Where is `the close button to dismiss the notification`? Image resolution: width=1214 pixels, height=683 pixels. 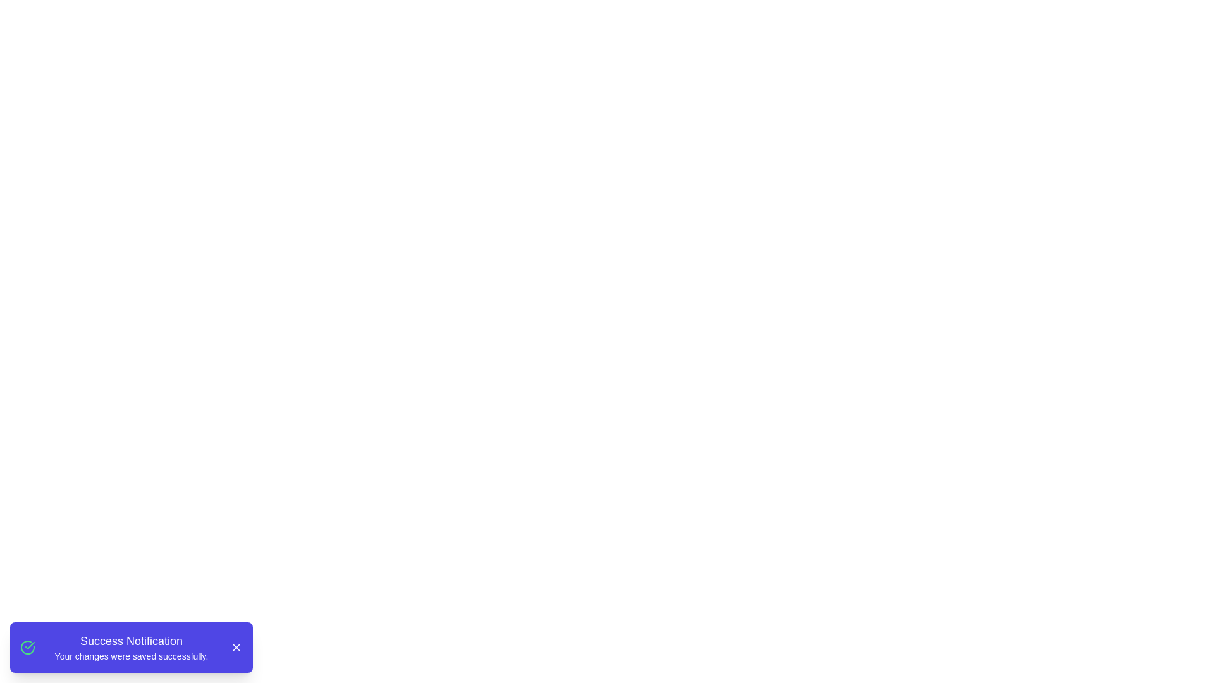 the close button to dismiss the notification is located at coordinates (236, 647).